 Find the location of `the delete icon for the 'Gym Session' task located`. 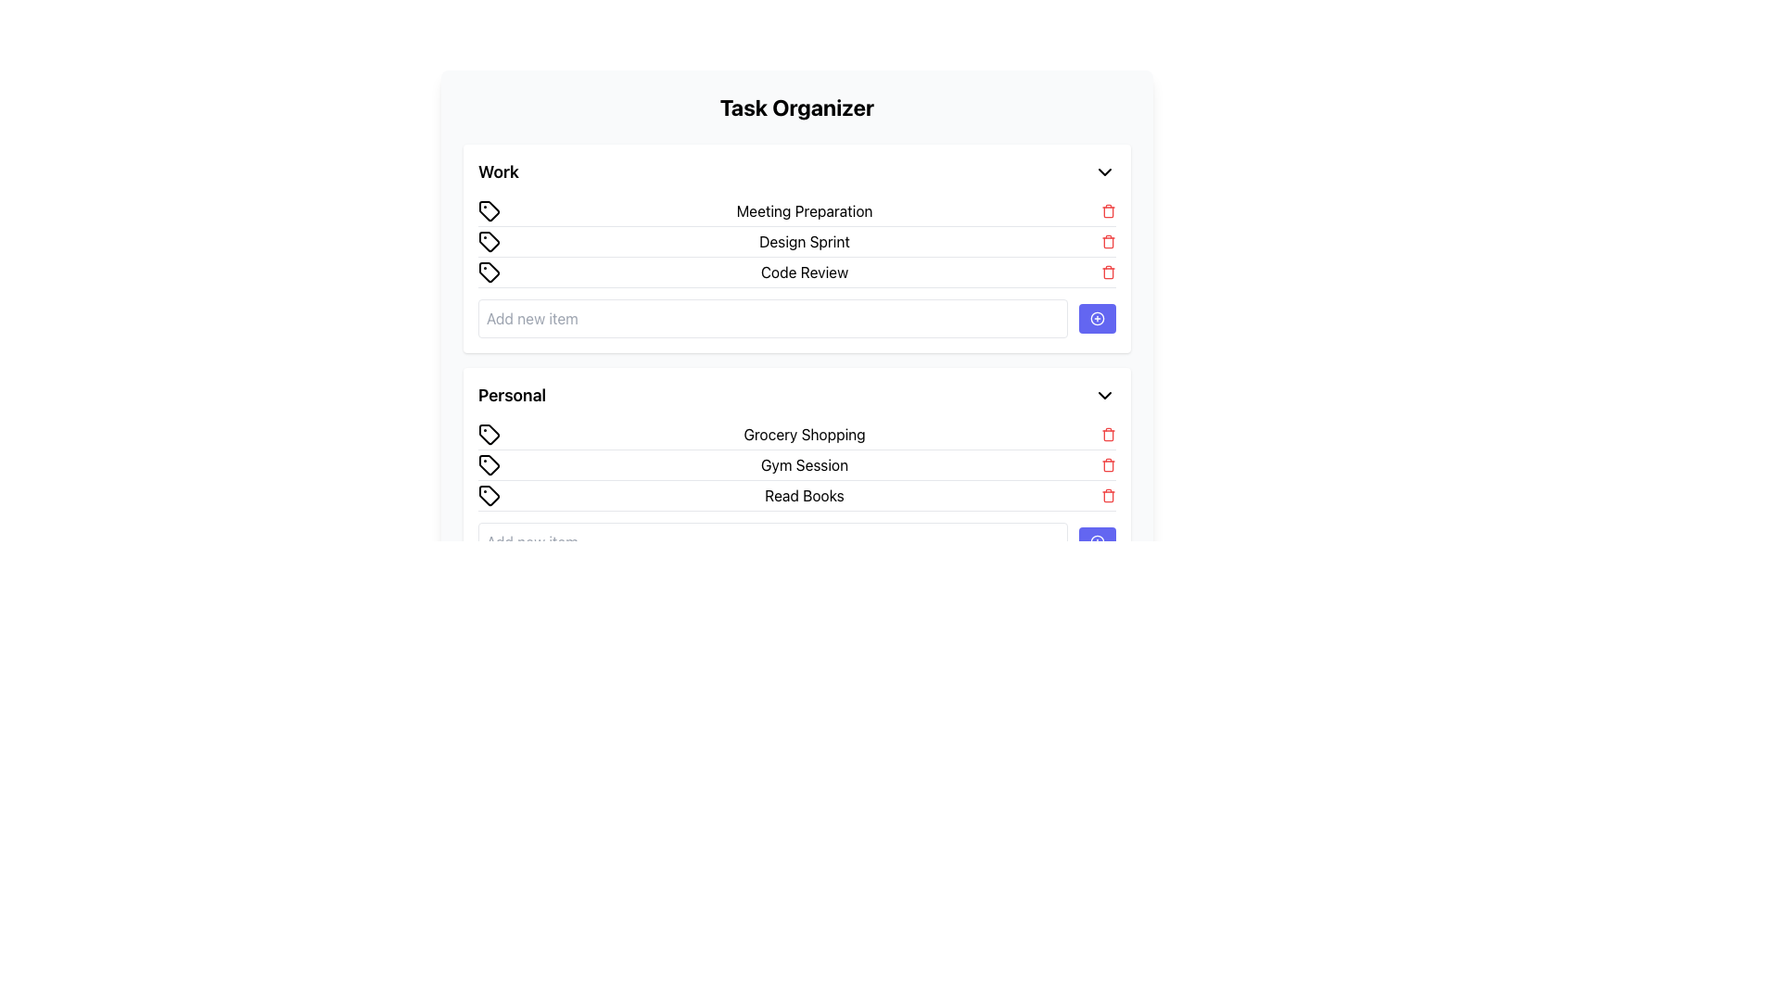

the delete icon for the 'Gym Session' task located is located at coordinates (1108, 463).